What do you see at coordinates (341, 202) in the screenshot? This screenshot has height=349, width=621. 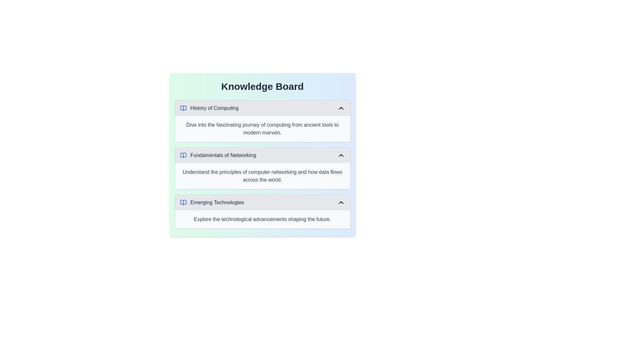 I see `the upward chevron icon located at the far right of the 'Emerging Technologies' section header` at bounding box center [341, 202].